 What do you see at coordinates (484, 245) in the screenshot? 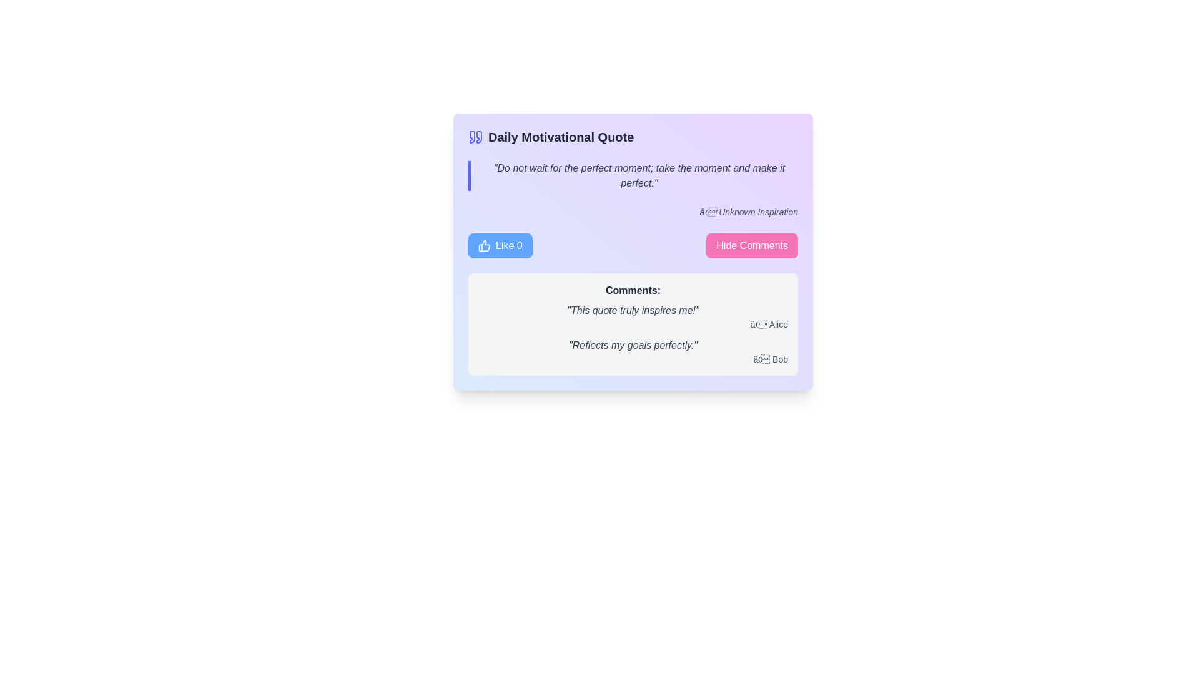
I see `the thumbs-up icon inside the blue button labeled 'Like 0', which is positioned in the top-left region of the card containing the motivational quote` at bounding box center [484, 245].